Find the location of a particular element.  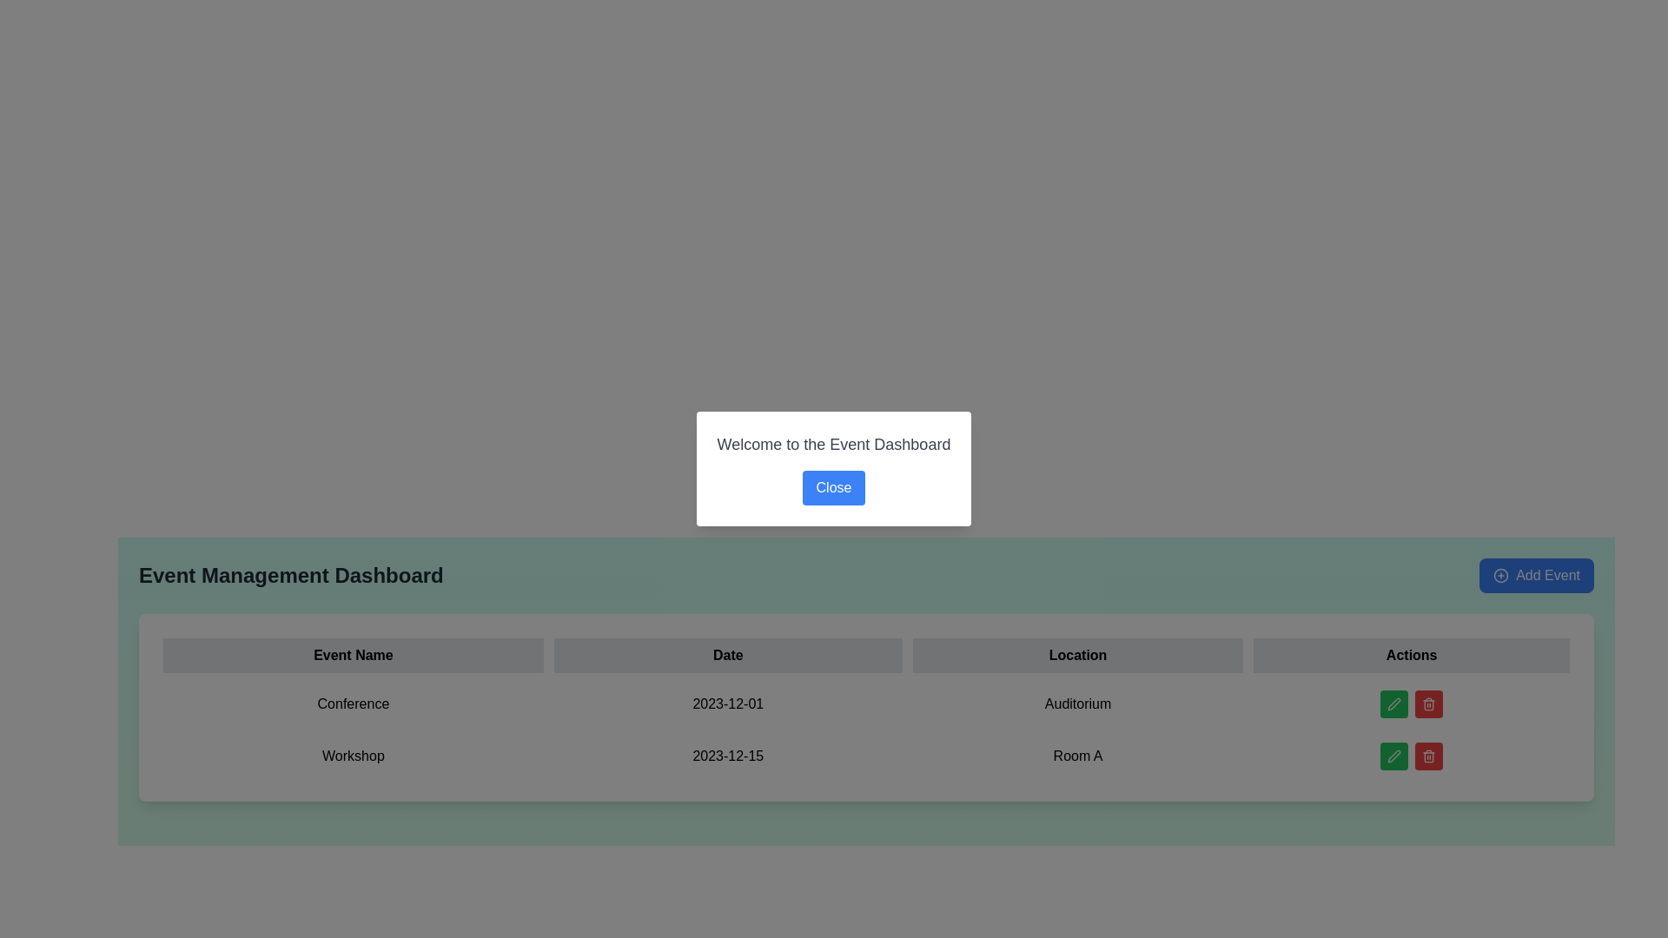

the text label displaying 'Auditorium' located in the third column of the first row under the 'Location' header in the table is located at coordinates (1077, 703).